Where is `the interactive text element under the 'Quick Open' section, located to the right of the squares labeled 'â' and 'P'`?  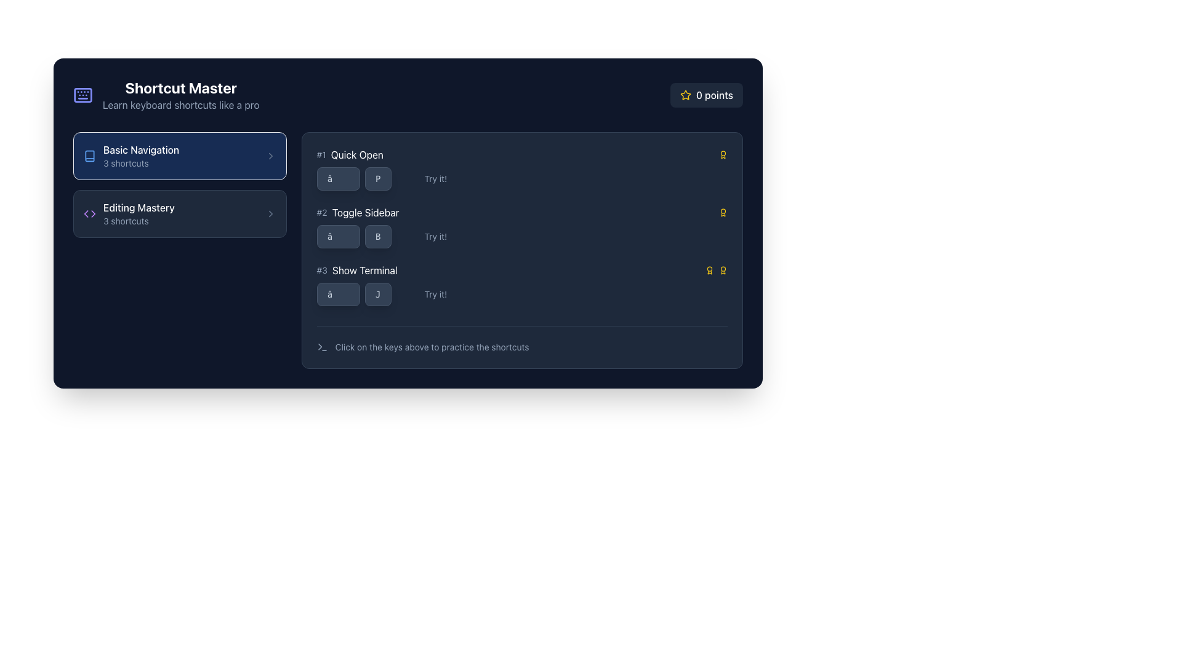
the interactive text element under the 'Quick Open' section, located to the right of the squares labeled 'â' and 'P' is located at coordinates (522, 178).